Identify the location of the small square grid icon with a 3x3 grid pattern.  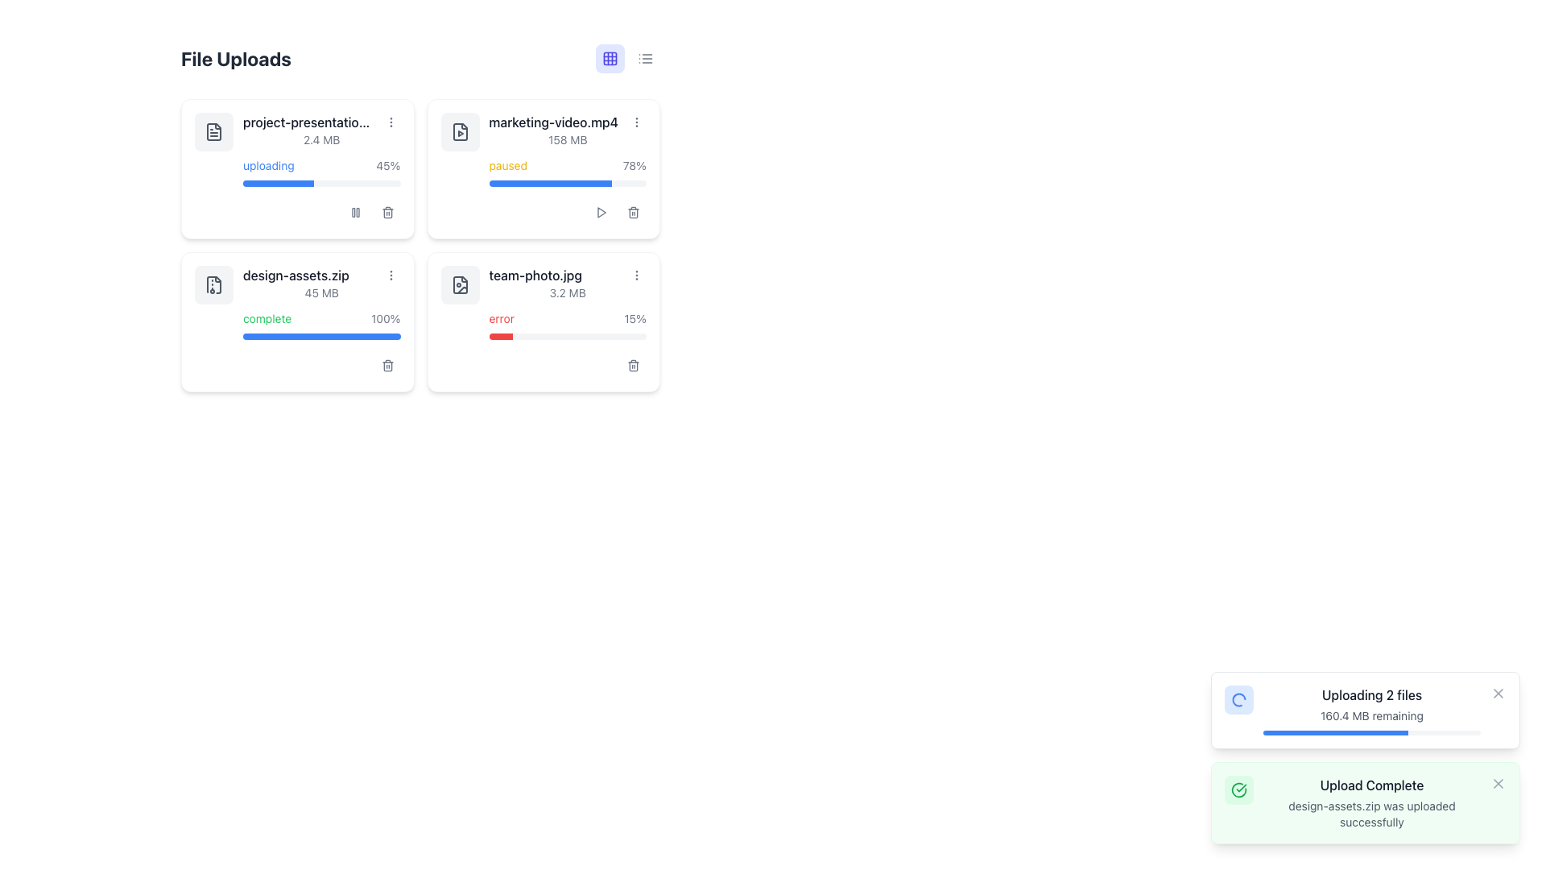
(610, 58).